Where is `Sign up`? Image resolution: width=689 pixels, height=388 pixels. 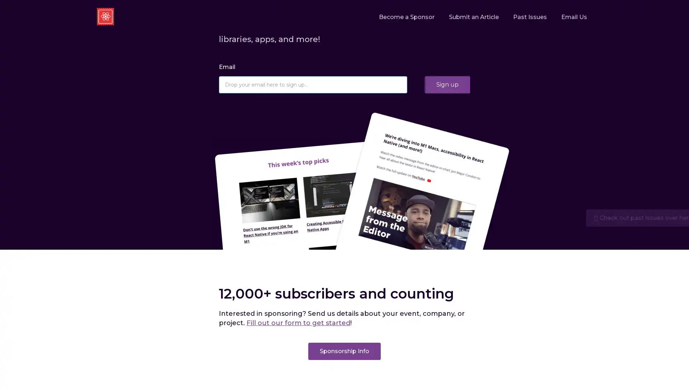 Sign up is located at coordinates (447, 84).